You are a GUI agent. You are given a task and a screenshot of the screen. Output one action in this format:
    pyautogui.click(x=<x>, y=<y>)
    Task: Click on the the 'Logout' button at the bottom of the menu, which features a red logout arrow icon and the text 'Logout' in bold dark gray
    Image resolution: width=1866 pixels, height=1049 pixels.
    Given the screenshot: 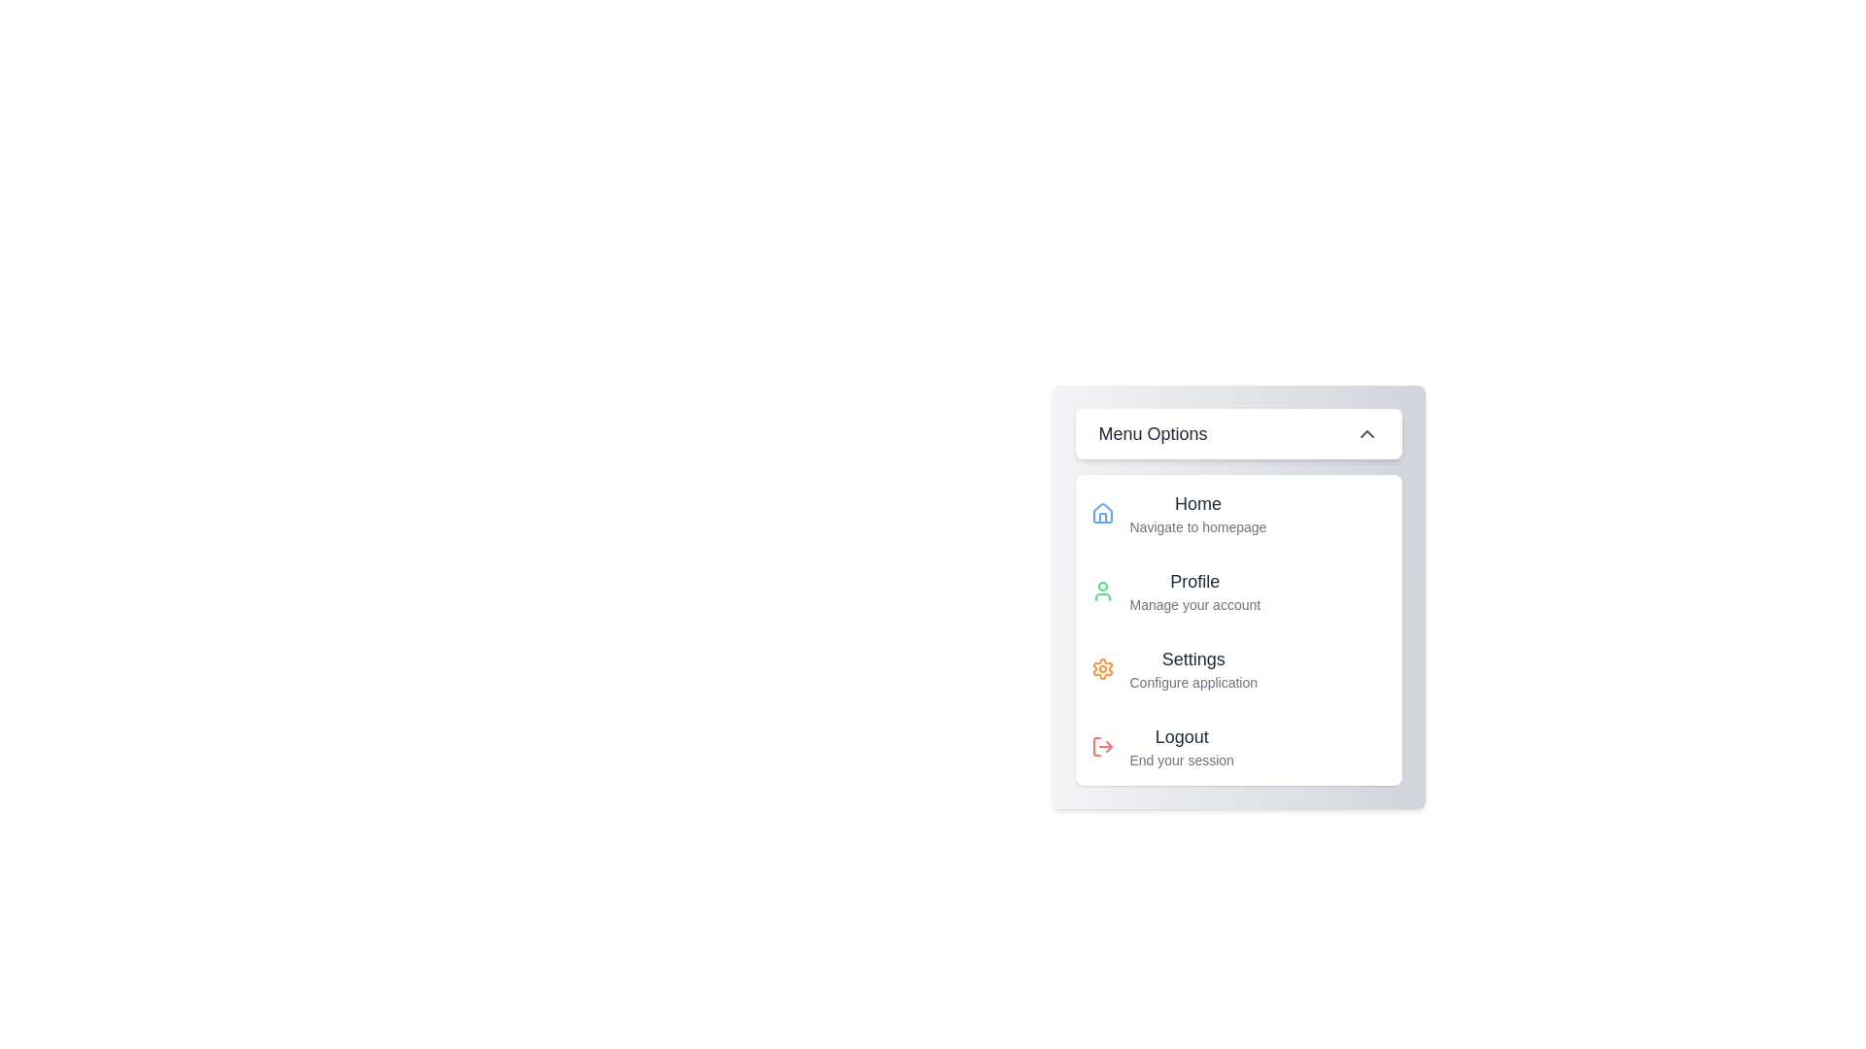 What is the action you would take?
    pyautogui.click(x=1237, y=745)
    